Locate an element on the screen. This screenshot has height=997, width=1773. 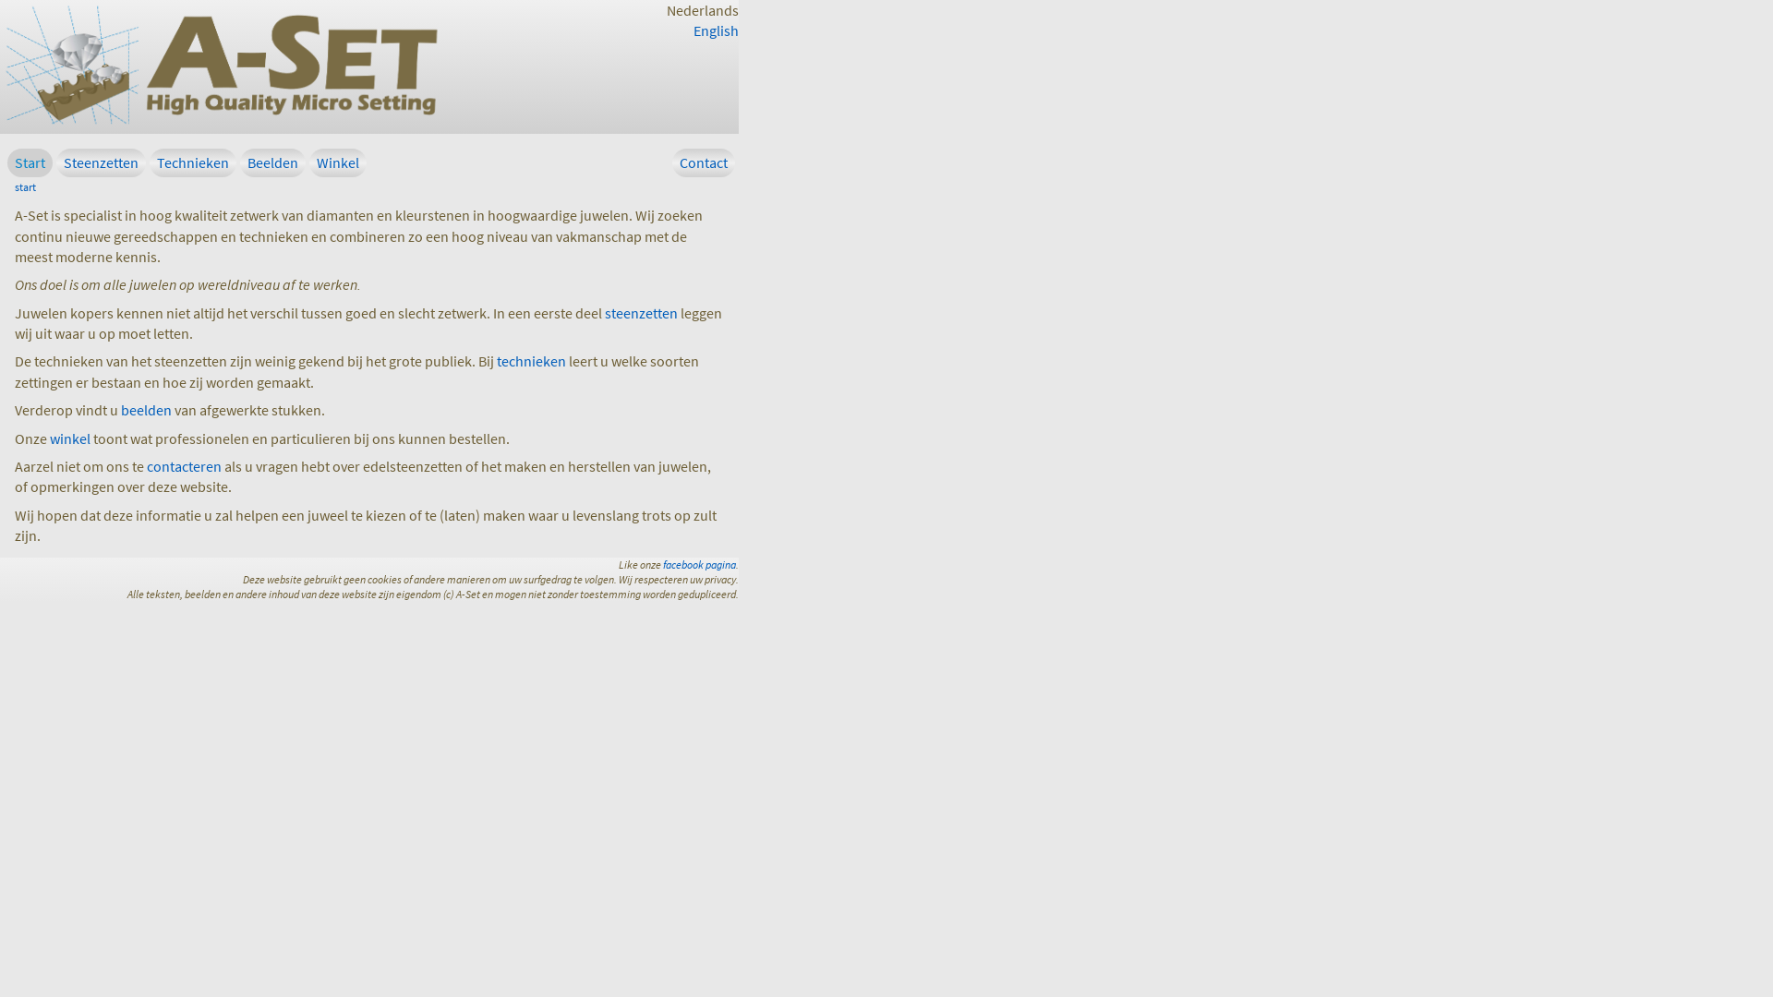
'Contact' is located at coordinates (671, 162).